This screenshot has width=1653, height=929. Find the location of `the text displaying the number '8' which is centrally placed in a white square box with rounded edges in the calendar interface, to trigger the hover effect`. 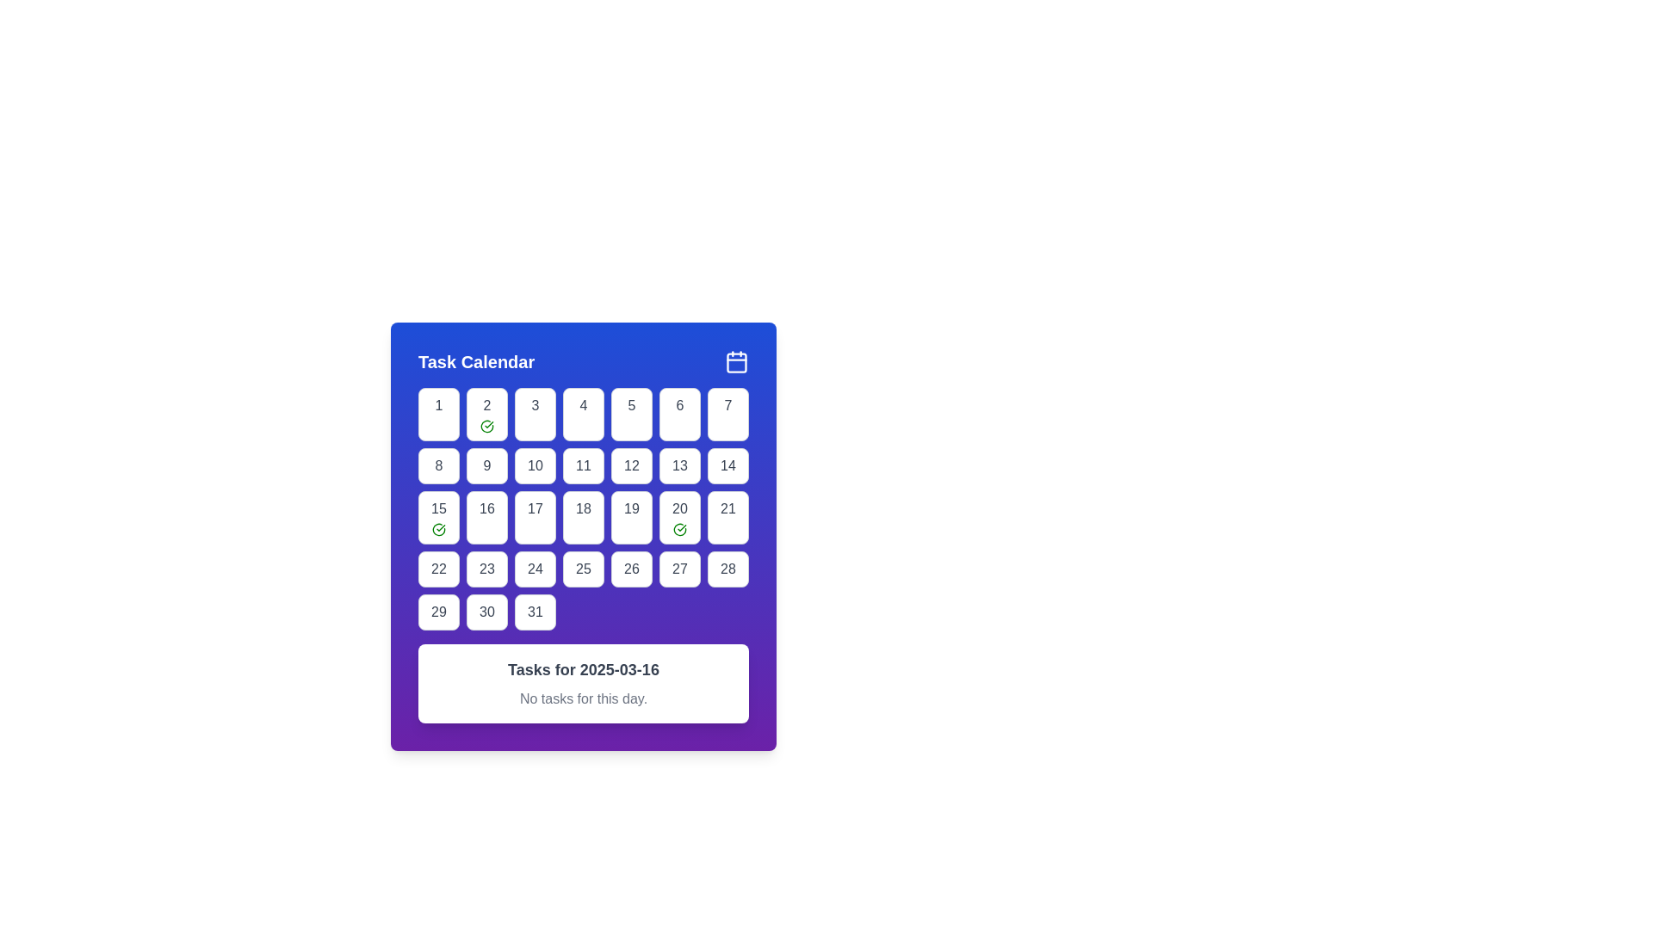

the text displaying the number '8' which is centrally placed in a white square box with rounded edges in the calendar interface, to trigger the hover effect is located at coordinates (438, 466).